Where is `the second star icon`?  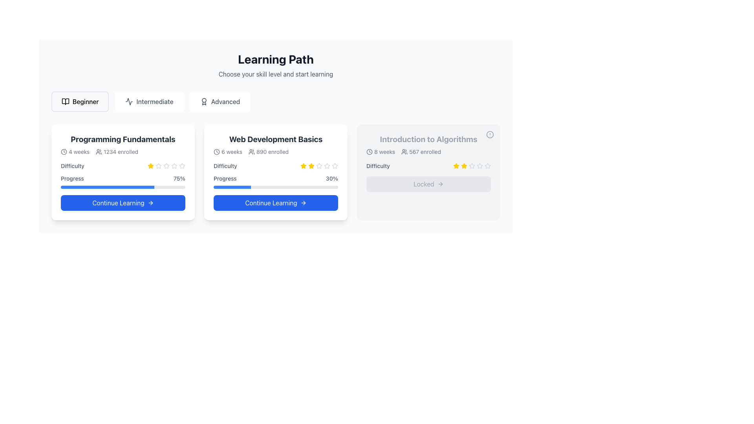
the second star icon is located at coordinates (158, 165).